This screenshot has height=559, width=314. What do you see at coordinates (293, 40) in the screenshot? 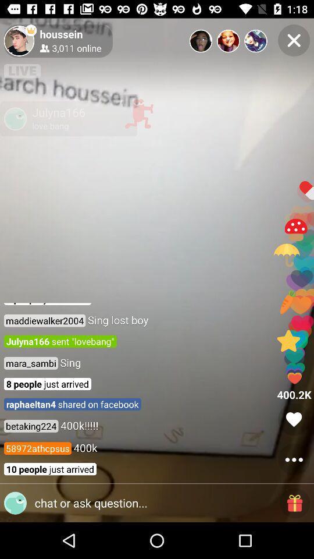
I see `the close icon` at bounding box center [293, 40].